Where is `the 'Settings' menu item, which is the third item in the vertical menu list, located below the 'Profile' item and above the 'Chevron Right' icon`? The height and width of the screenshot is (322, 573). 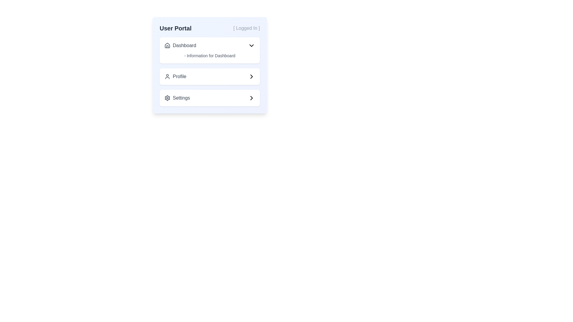
the 'Settings' menu item, which is the third item in the vertical menu list, located below the 'Profile' item and above the 'Chevron Right' icon is located at coordinates (177, 97).